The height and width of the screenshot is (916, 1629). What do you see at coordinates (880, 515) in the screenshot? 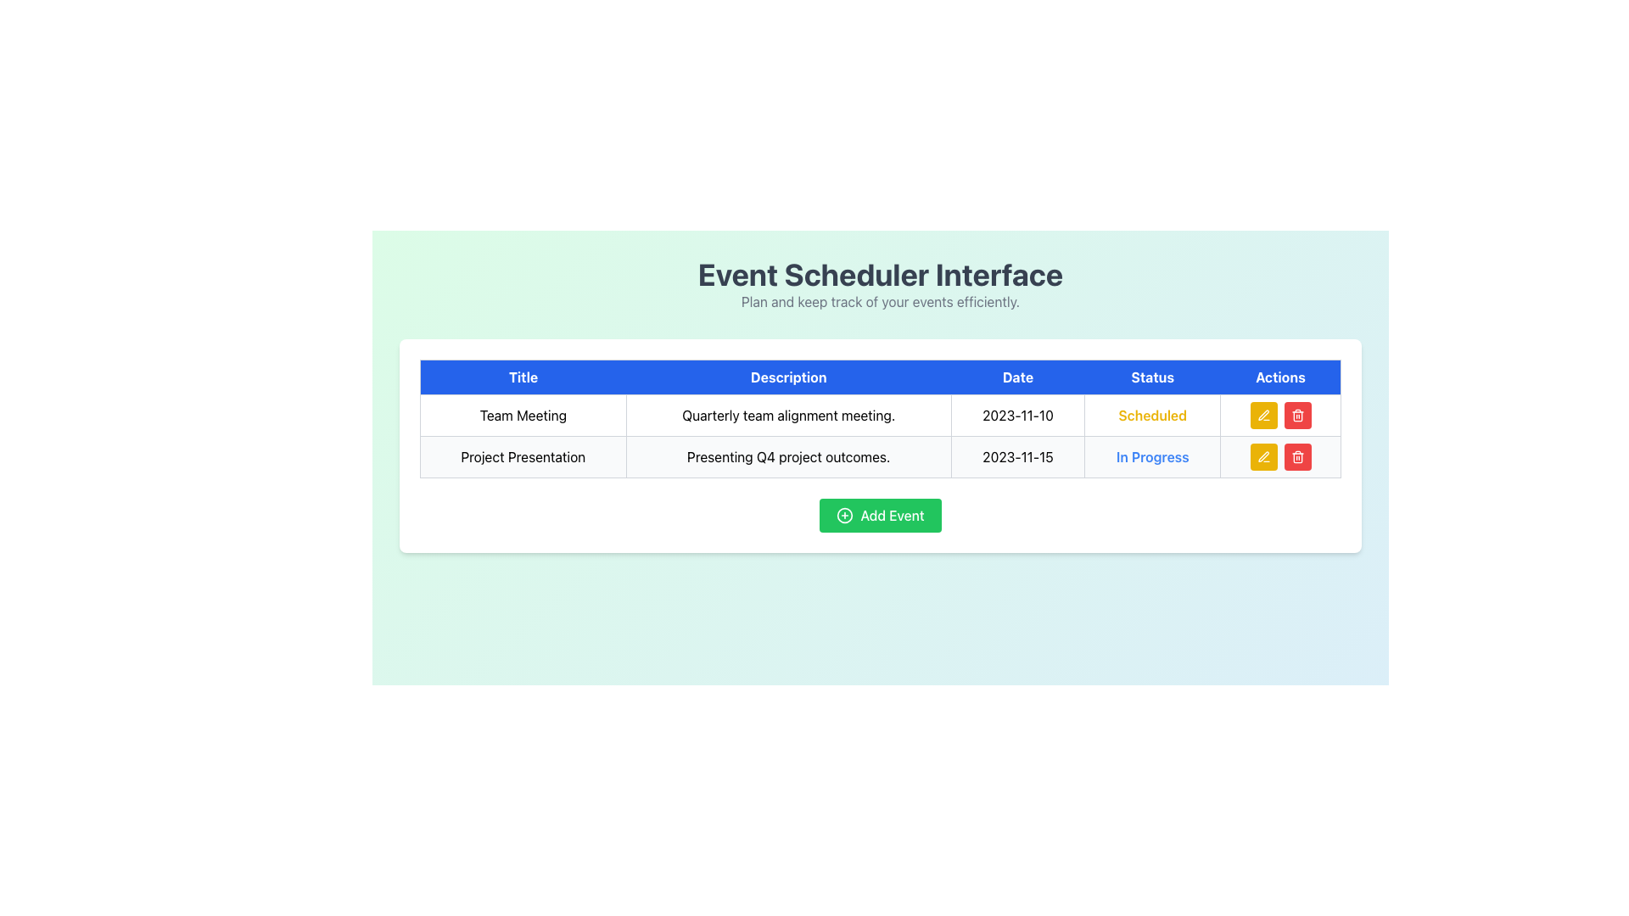
I see `the green 'Add Event' button located at the bottom of the event scheduling interface to initiate adding an event` at bounding box center [880, 515].